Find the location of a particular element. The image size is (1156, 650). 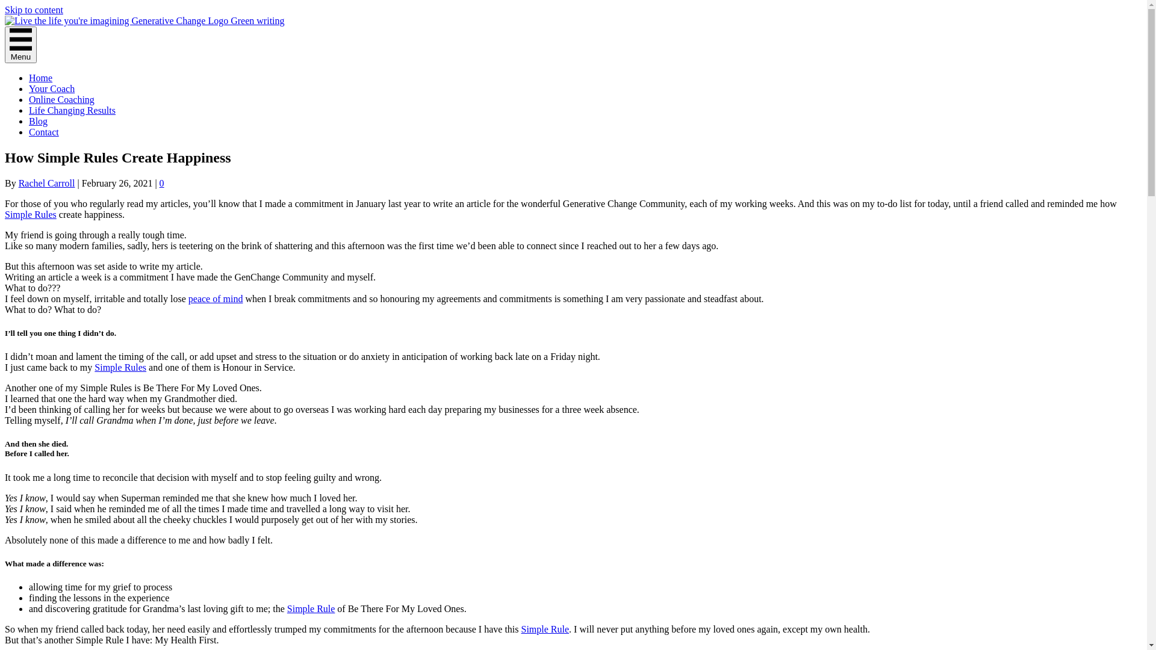

'peace of mind' is located at coordinates (216, 298).